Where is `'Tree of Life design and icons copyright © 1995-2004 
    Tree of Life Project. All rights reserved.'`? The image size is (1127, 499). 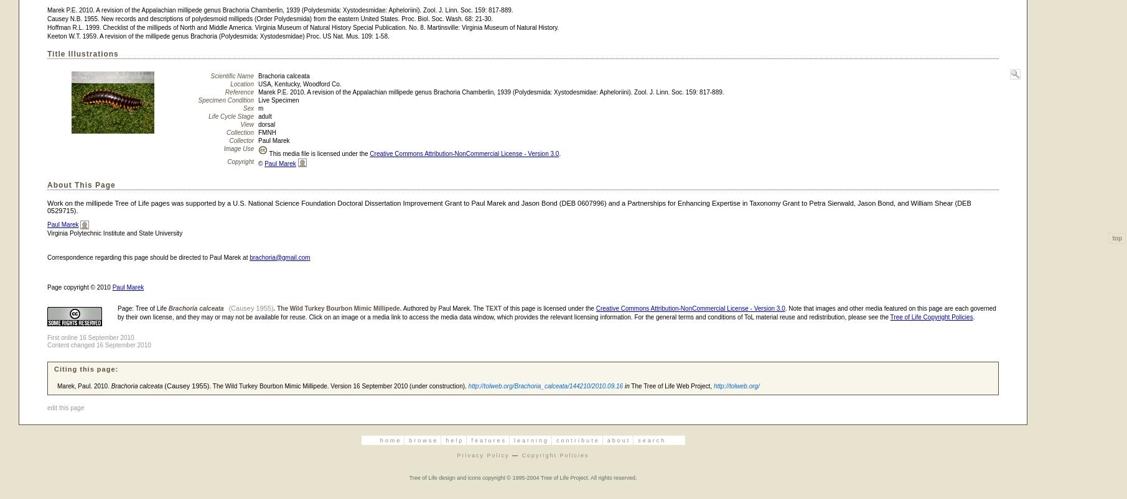 'Tree of Life design and icons copyright © 1995-2004 
    Tree of Life Project. All rights reserved.' is located at coordinates (522, 476).